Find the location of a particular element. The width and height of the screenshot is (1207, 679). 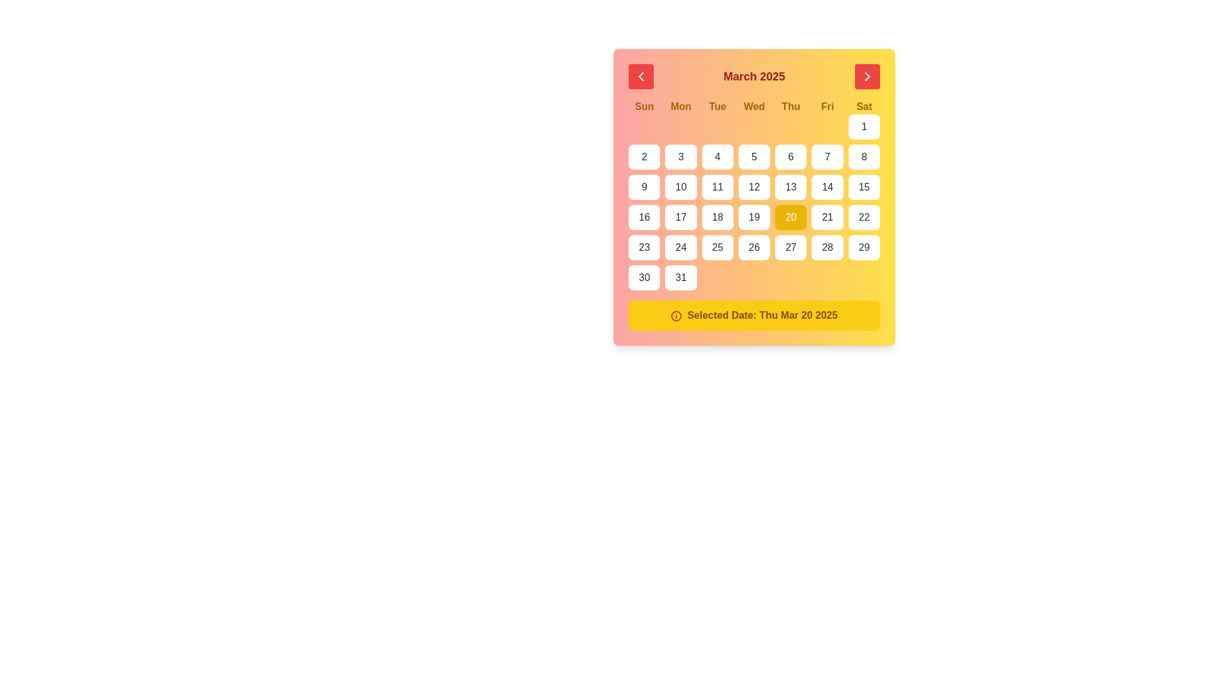

the button displaying the number '5' in the March 2025 calendar grid is located at coordinates (754, 157).